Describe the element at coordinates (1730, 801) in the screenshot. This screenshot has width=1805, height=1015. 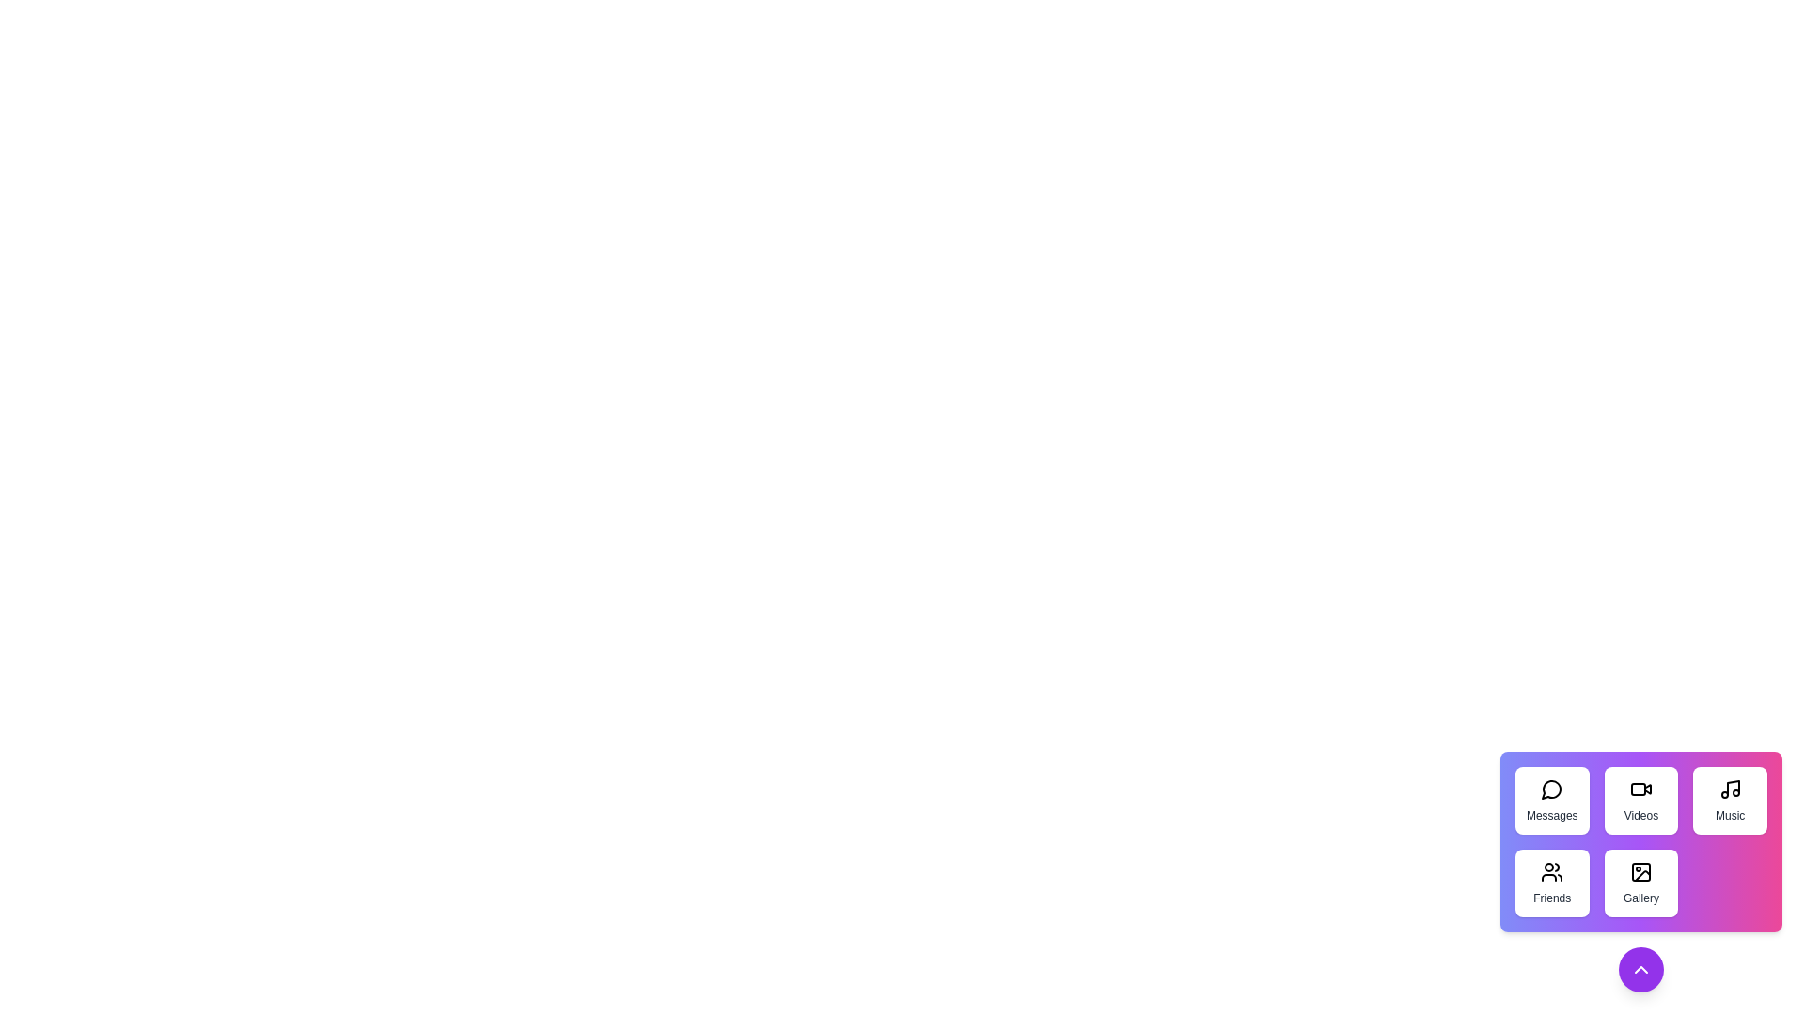
I see `the 'Music' button` at that location.